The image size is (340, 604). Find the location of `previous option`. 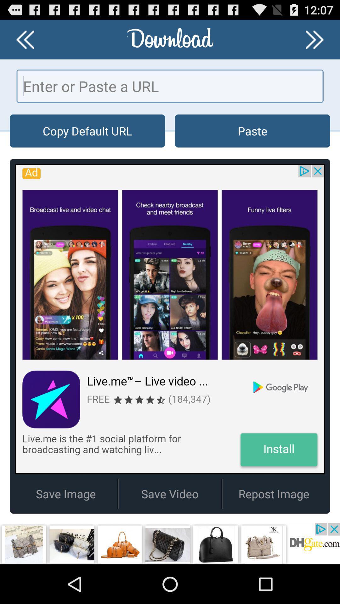

previous option is located at coordinates (25, 39).